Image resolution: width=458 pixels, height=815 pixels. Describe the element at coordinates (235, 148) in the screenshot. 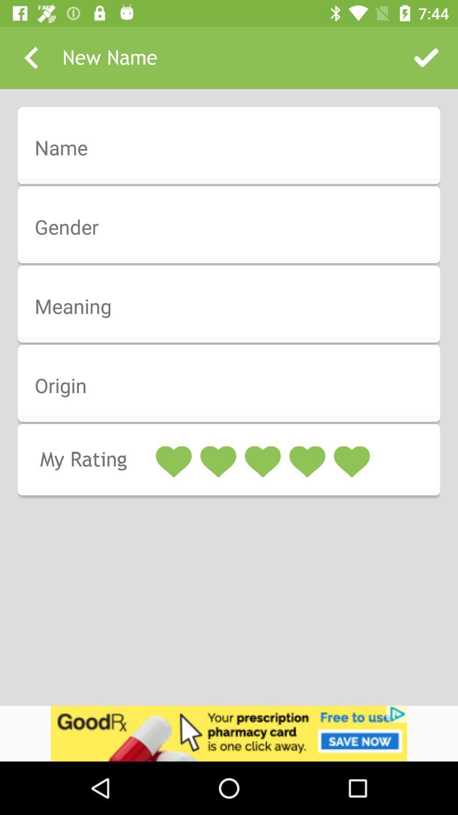

I see `your name` at that location.